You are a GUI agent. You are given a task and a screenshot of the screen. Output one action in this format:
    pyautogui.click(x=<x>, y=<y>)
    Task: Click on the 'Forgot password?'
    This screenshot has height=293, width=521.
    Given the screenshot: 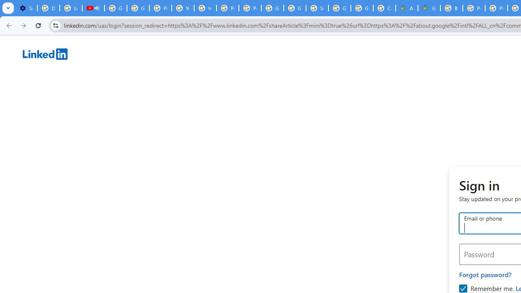 What is the action you would take?
    pyautogui.click(x=485, y=274)
    